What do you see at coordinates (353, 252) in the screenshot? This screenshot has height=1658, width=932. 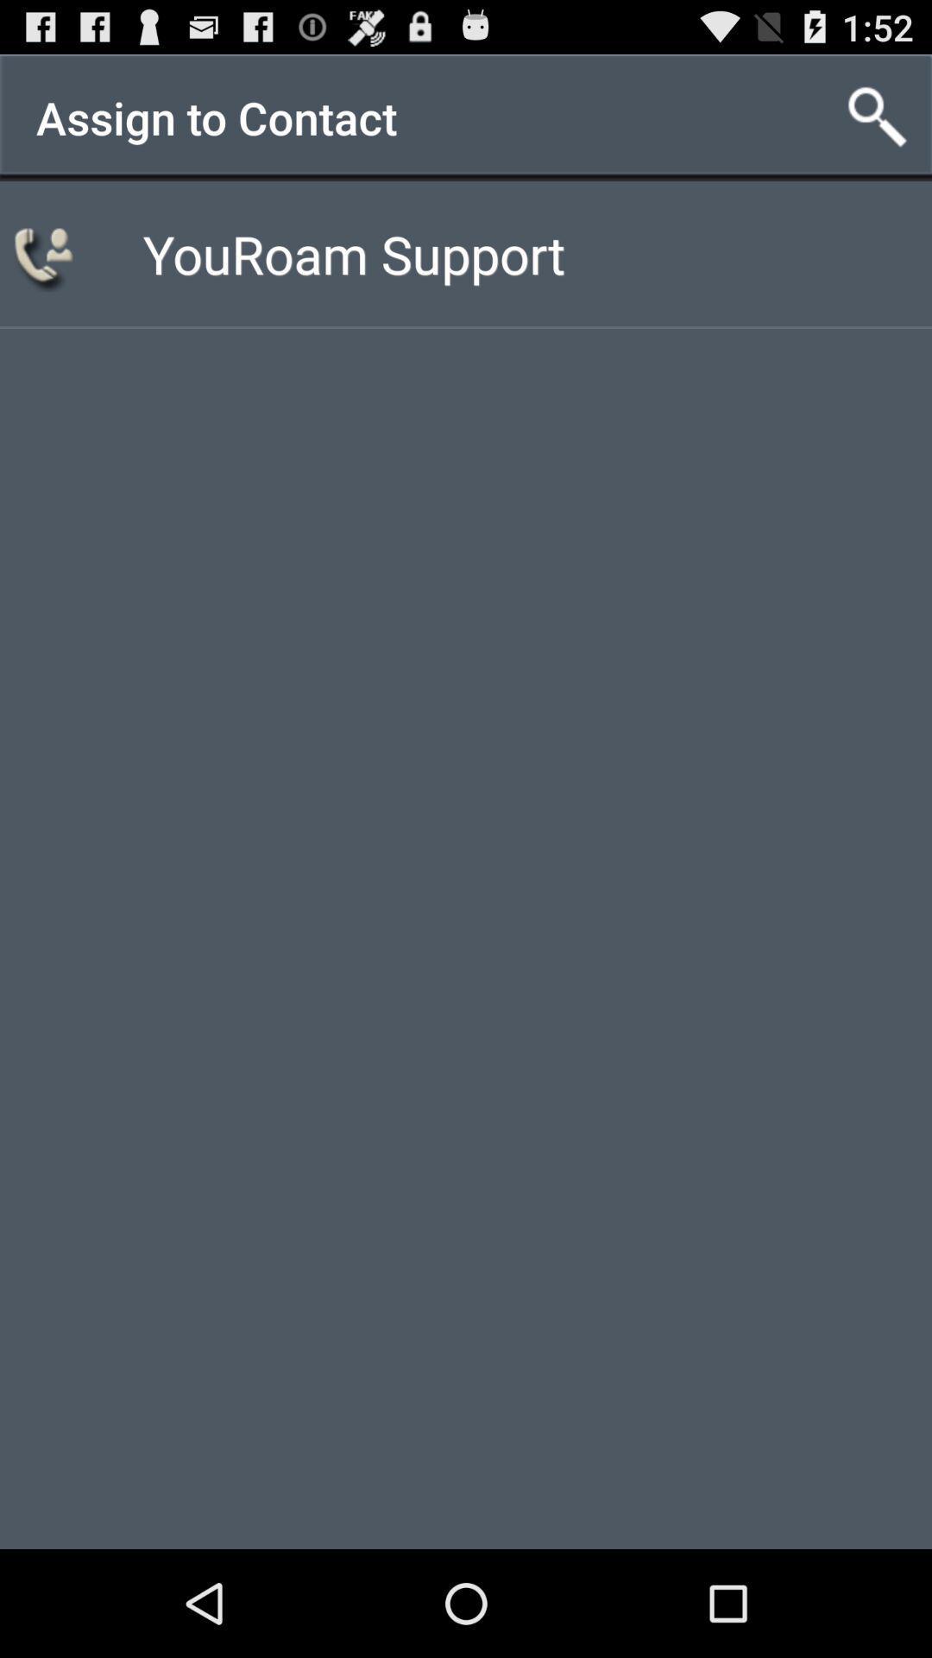 I see `the youroam support icon` at bounding box center [353, 252].